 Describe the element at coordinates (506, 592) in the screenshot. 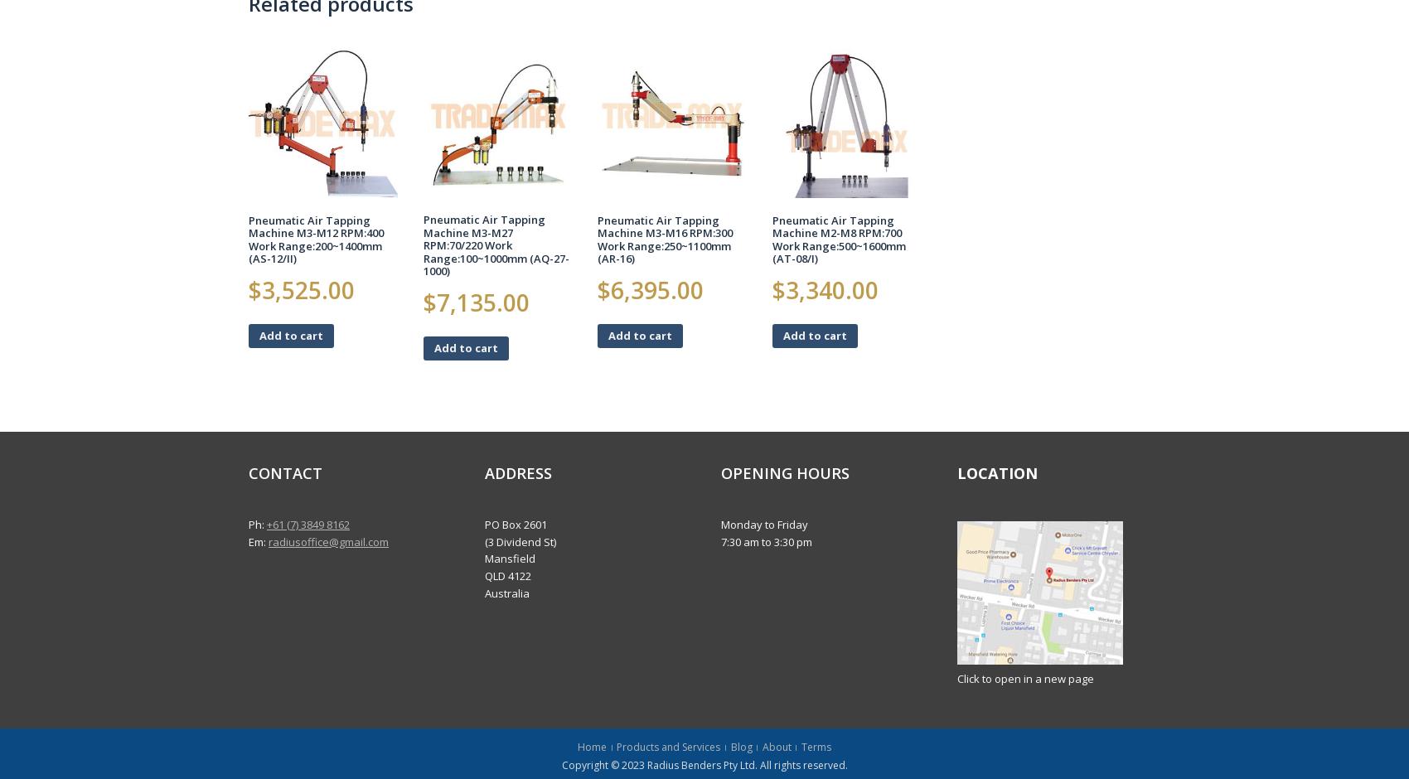

I see `'Australia'` at that location.